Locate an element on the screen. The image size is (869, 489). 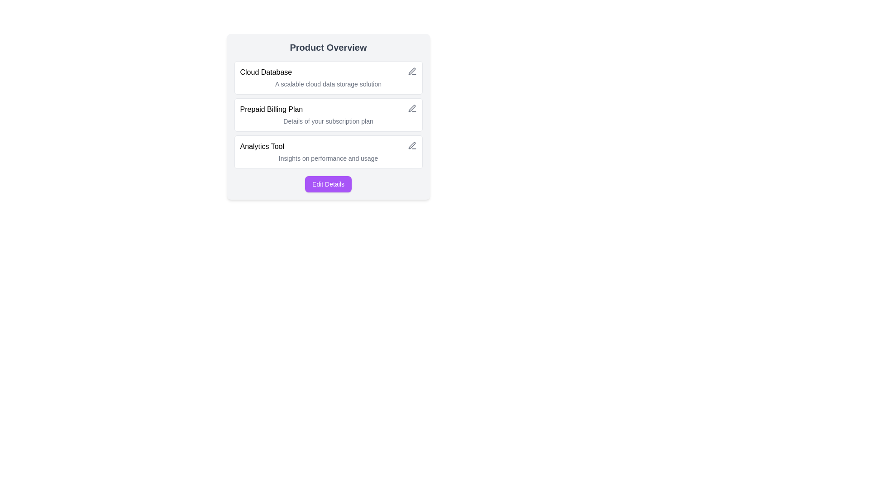
the edit action icon located on the right side of the Prepaid Billing Plan section is located at coordinates (411, 108).